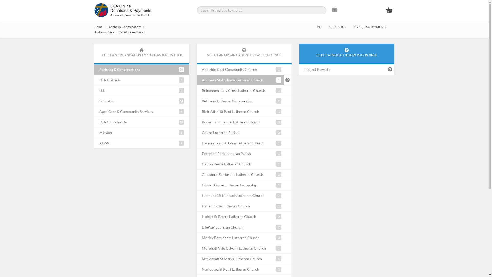 Image resolution: width=492 pixels, height=277 pixels. I want to click on '2, so click(240, 132).